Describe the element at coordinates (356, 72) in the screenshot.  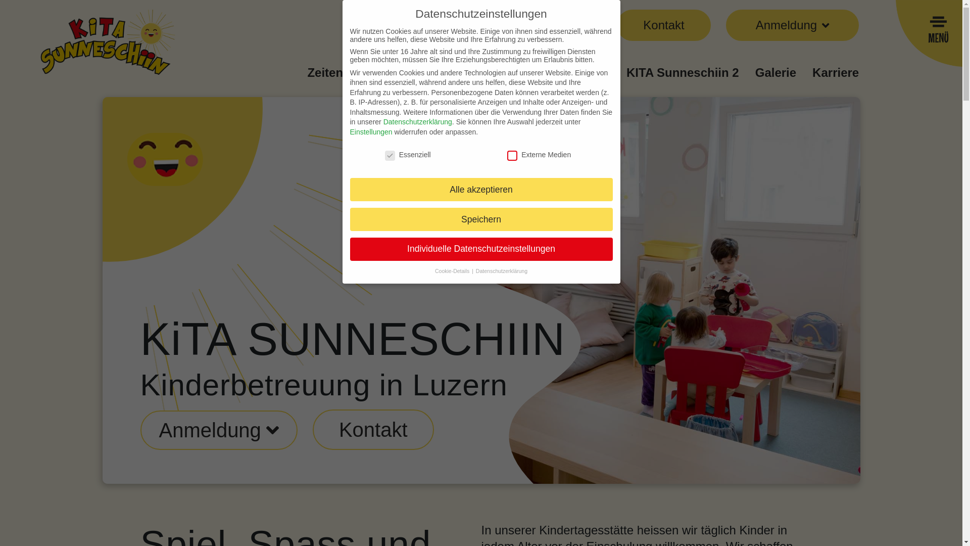
I see `'Zeiten und Tarife'` at that location.